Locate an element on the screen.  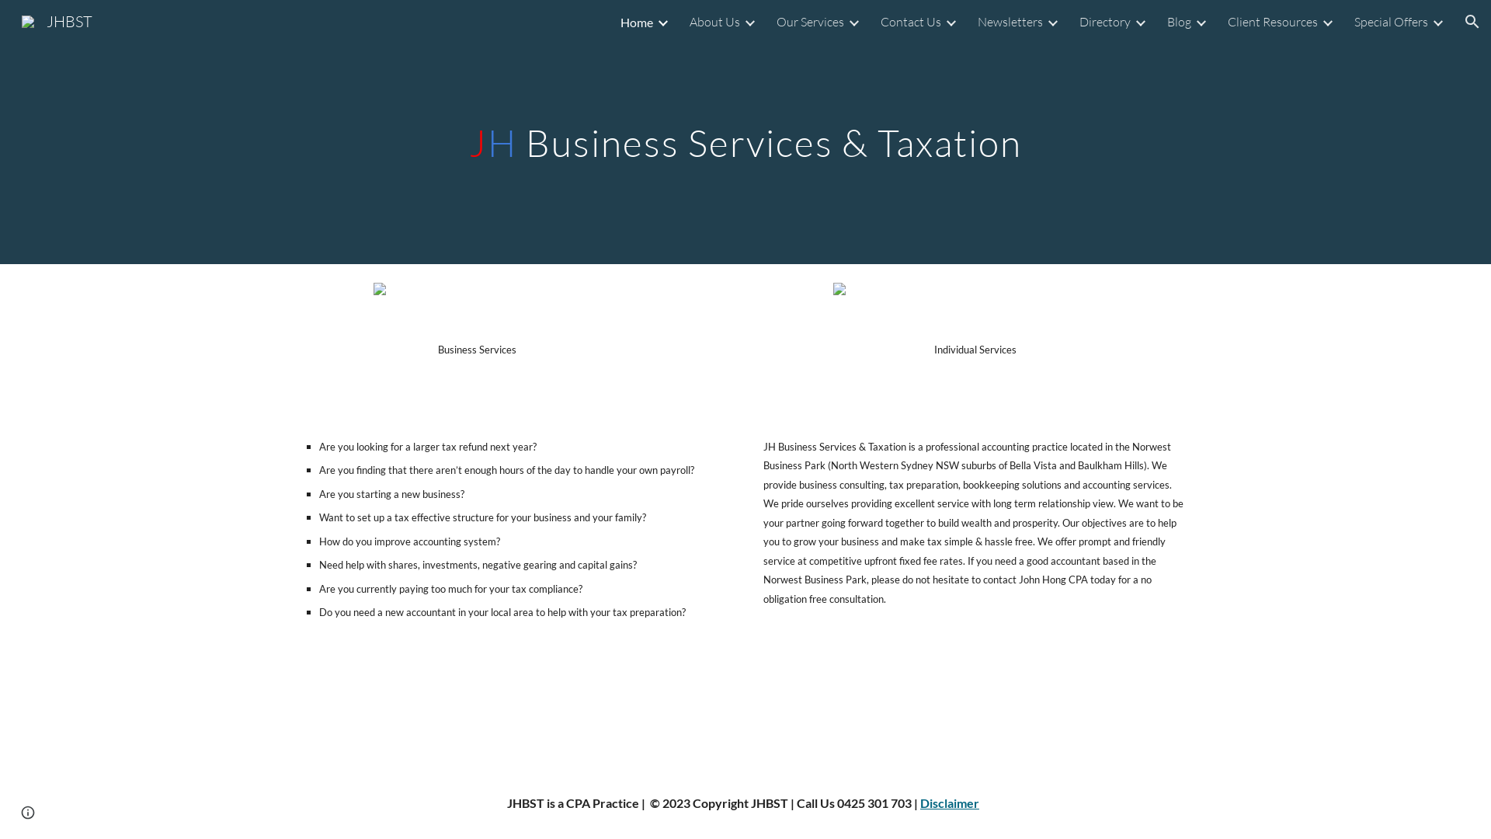
'Contact Us' is located at coordinates (910, 21).